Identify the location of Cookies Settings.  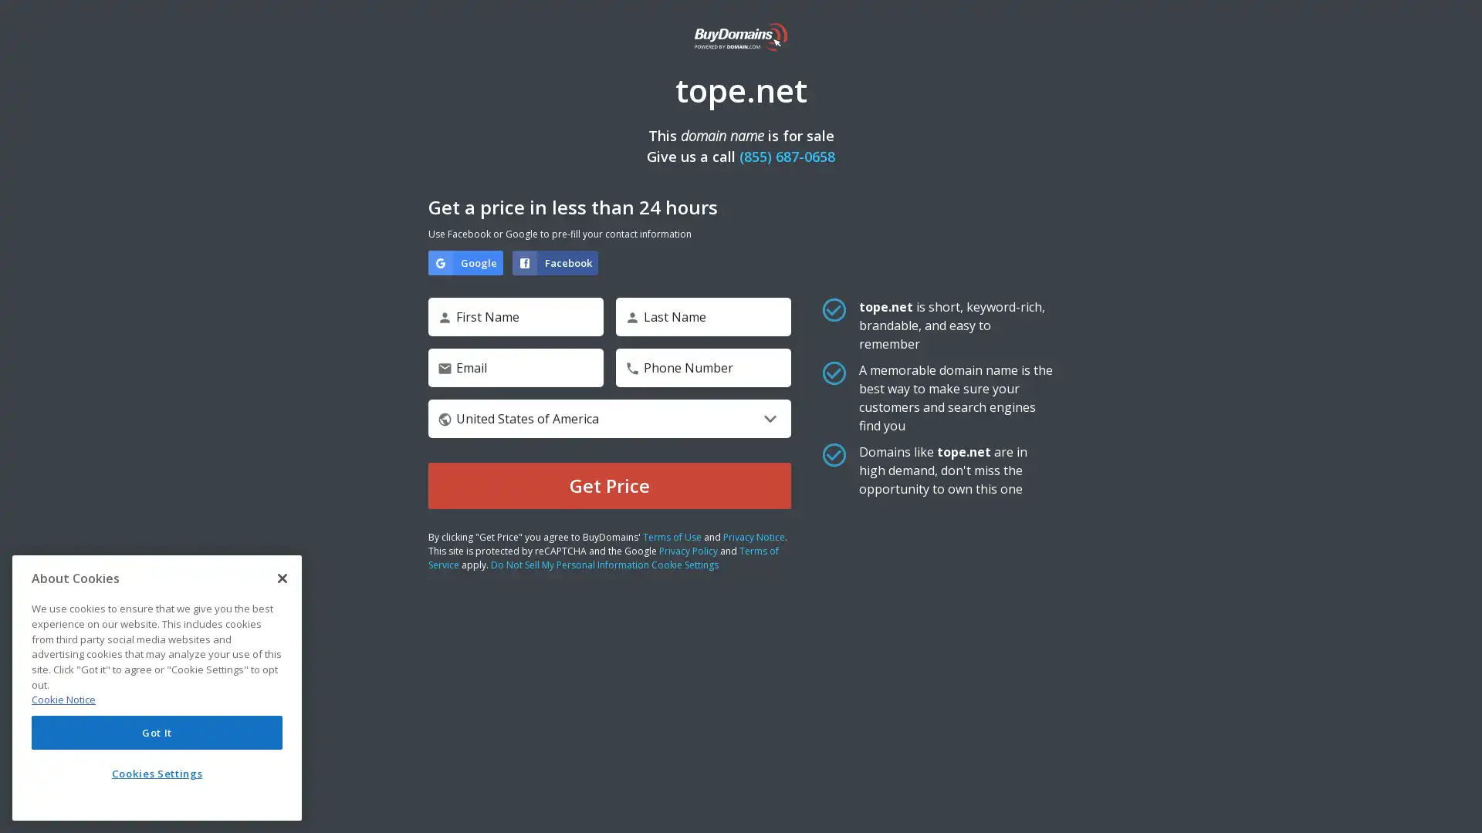
(157, 773).